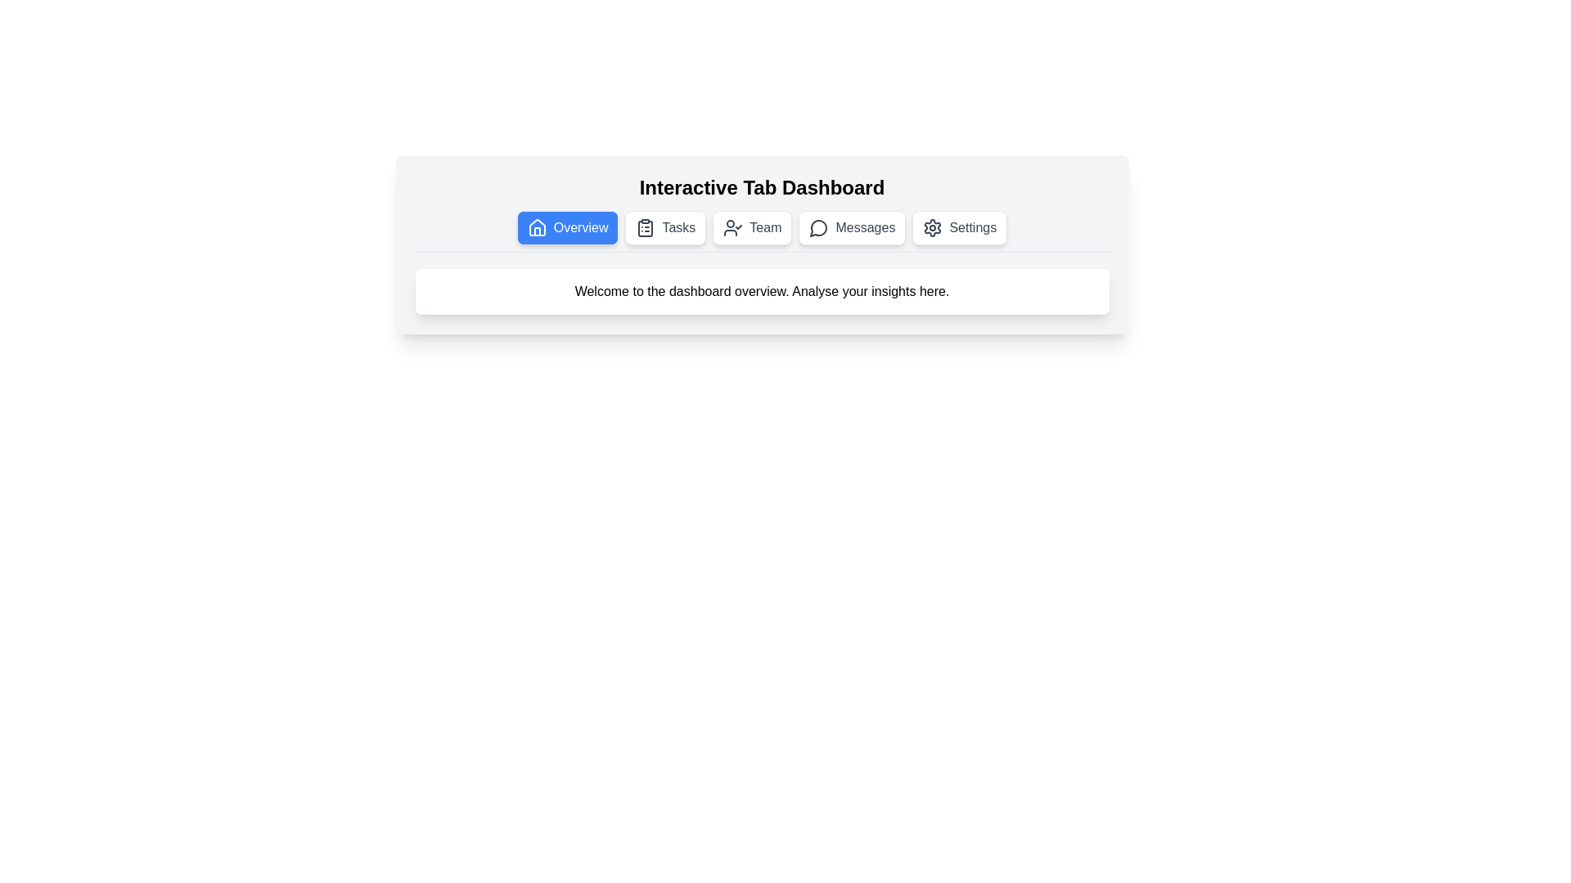 Image resolution: width=1571 pixels, height=883 pixels. I want to click on the button with a white background and clipboard icon labeled 'Tasks', so click(665, 227).